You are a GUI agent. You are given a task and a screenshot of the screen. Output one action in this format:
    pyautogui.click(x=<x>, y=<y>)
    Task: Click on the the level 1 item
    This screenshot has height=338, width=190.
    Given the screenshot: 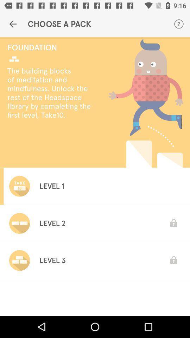 What is the action you would take?
    pyautogui.click(x=51, y=186)
    